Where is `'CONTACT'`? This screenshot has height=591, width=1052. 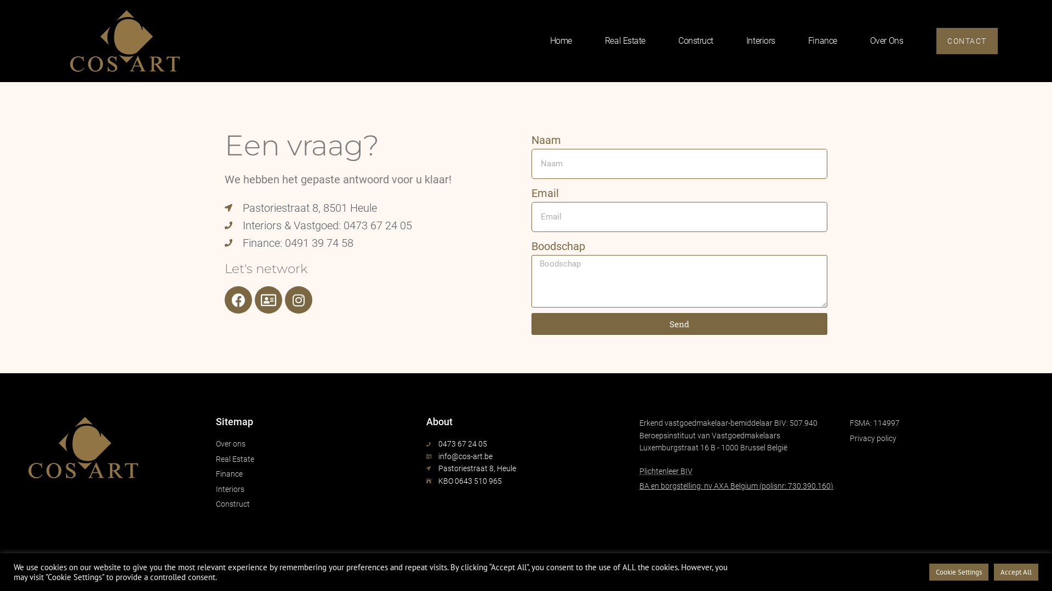
'CONTACT' is located at coordinates (967, 40).